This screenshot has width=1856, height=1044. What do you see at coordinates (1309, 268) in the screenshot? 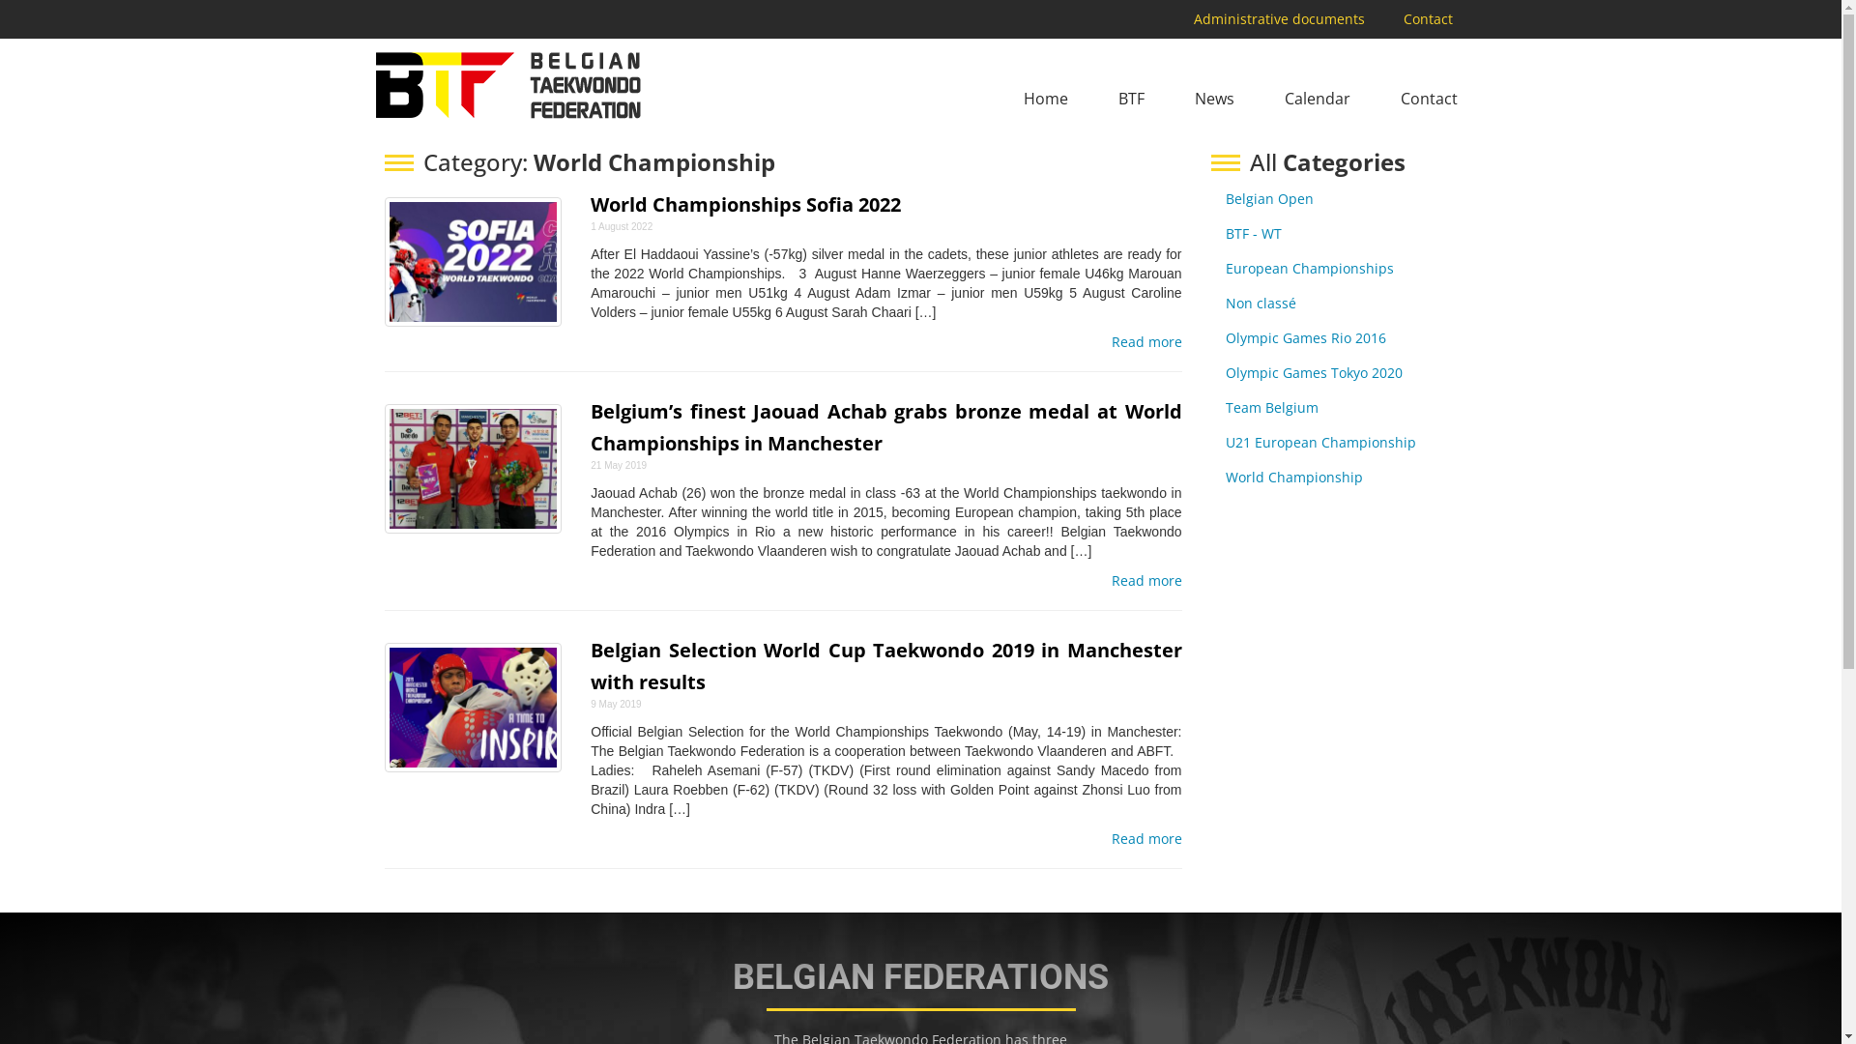
I see `'European Championships'` at bounding box center [1309, 268].